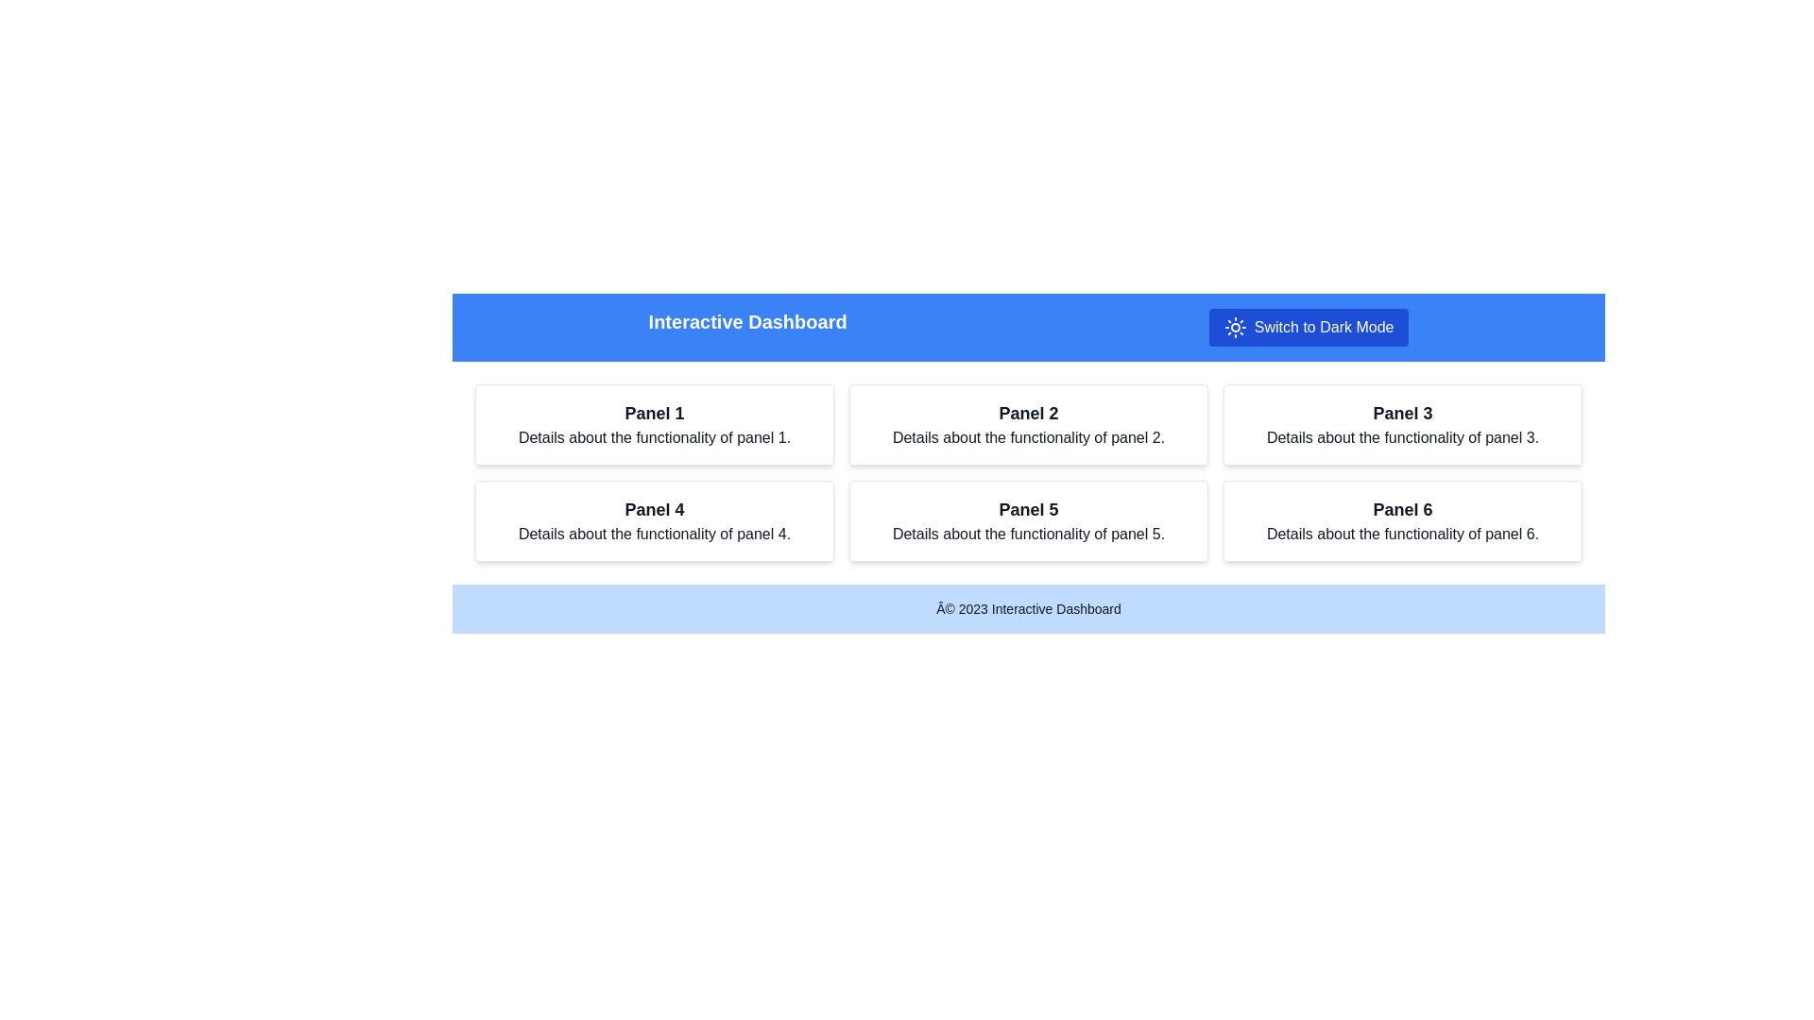  What do you see at coordinates (1028, 437) in the screenshot?
I see `text block displaying 'Details about the functionality of panel 2.' located under the heading 'Panel 2' in the rounded rectangle associated with Panel 2` at bounding box center [1028, 437].